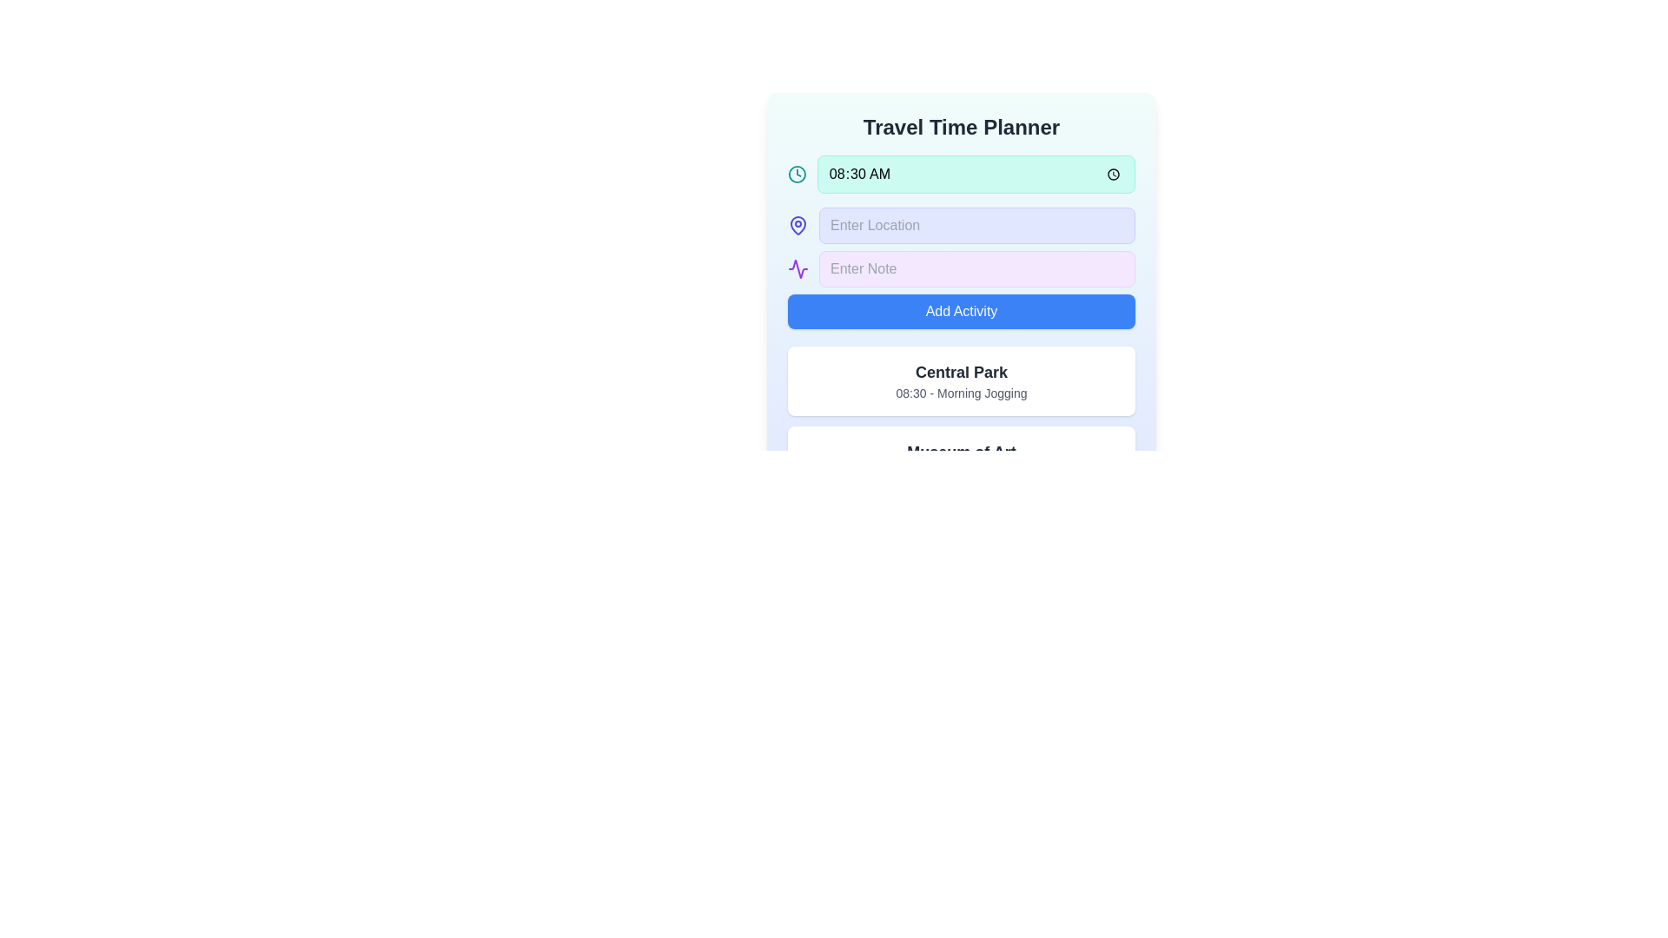 This screenshot has width=1668, height=938. I want to click on the circular teal icon within the clock graphic located to the left of the '08:30 AM' time input field, so click(796, 174).